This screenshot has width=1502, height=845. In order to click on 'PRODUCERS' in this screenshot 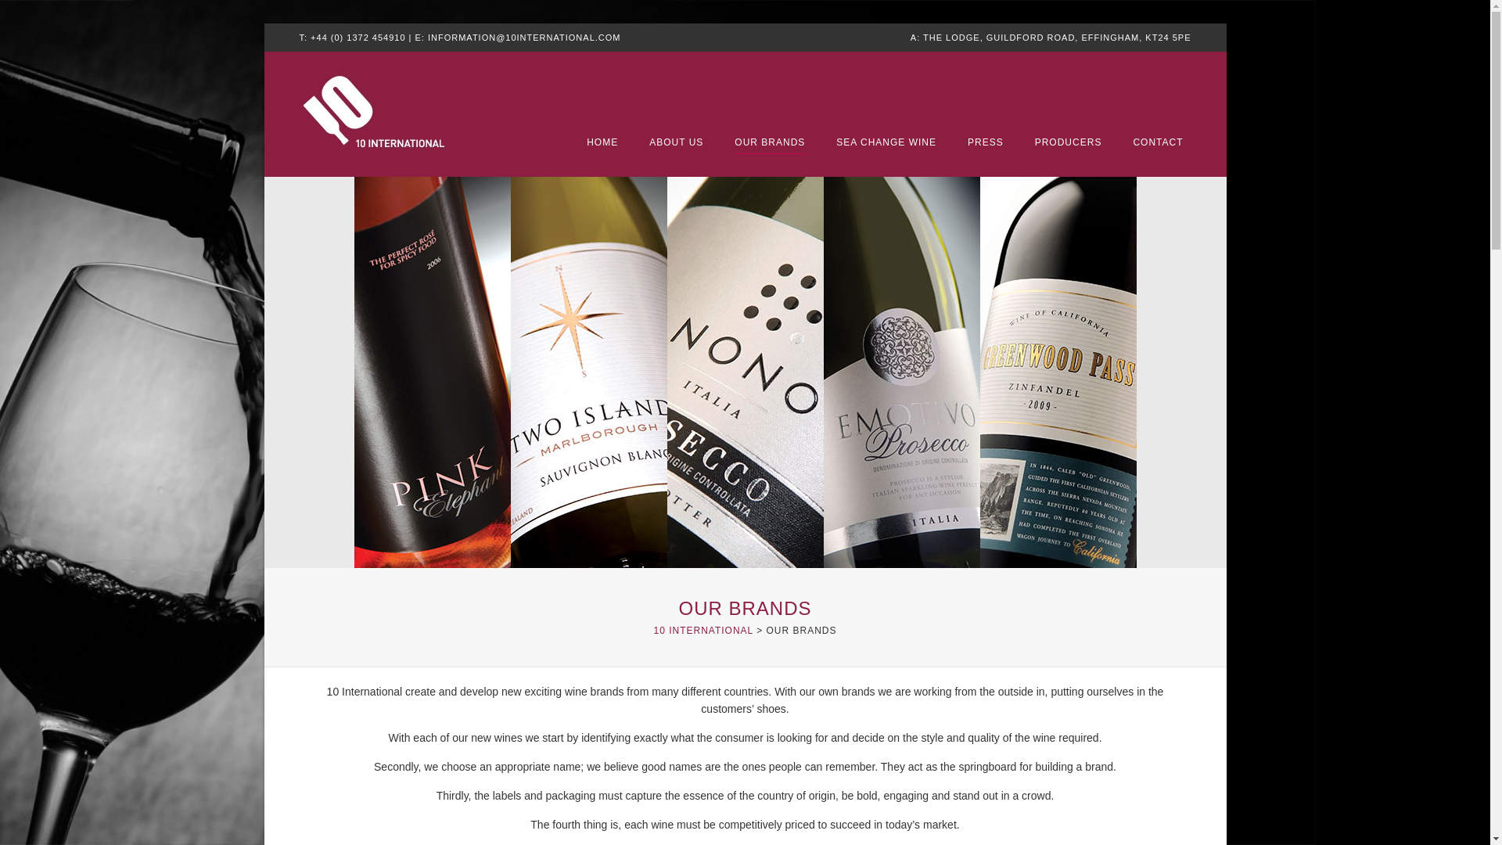, I will do `click(1068, 142)`.